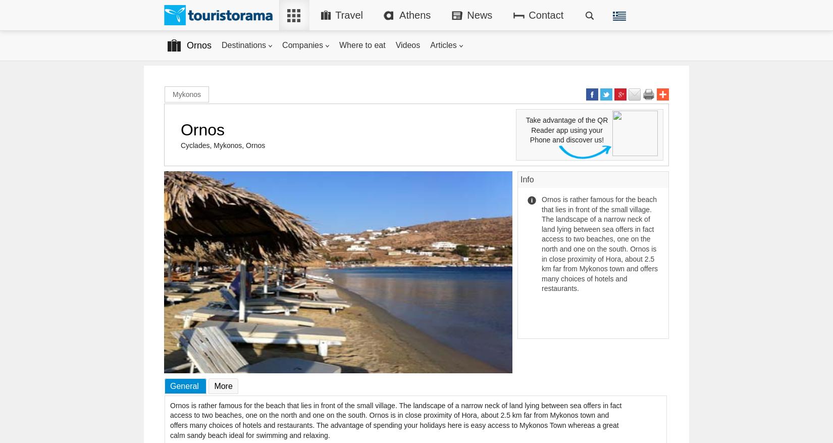  What do you see at coordinates (194, 145) in the screenshot?
I see `'Cyclades'` at bounding box center [194, 145].